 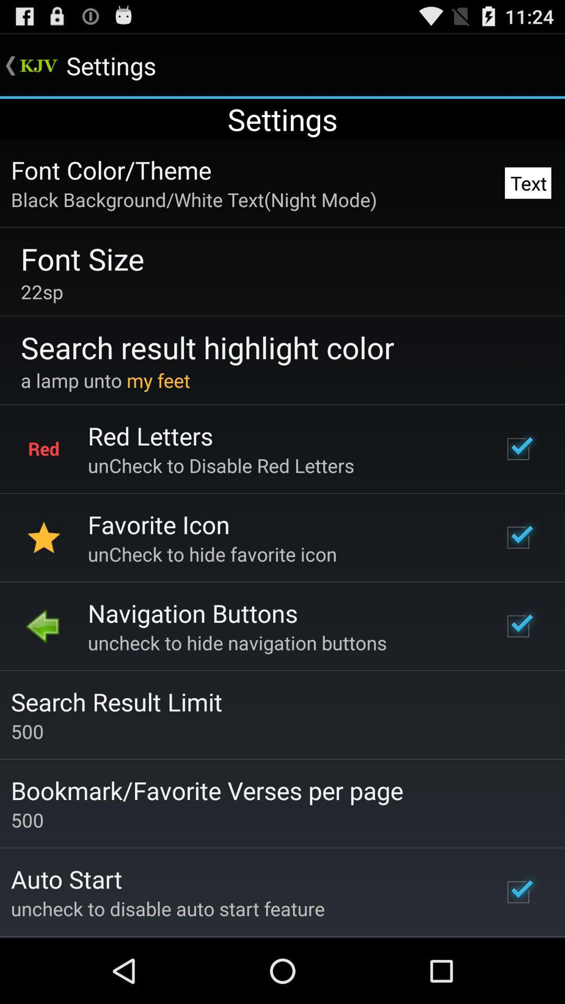 What do you see at coordinates (207, 790) in the screenshot?
I see `the bookmark favorite verses app` at bounding box center [207, 790].